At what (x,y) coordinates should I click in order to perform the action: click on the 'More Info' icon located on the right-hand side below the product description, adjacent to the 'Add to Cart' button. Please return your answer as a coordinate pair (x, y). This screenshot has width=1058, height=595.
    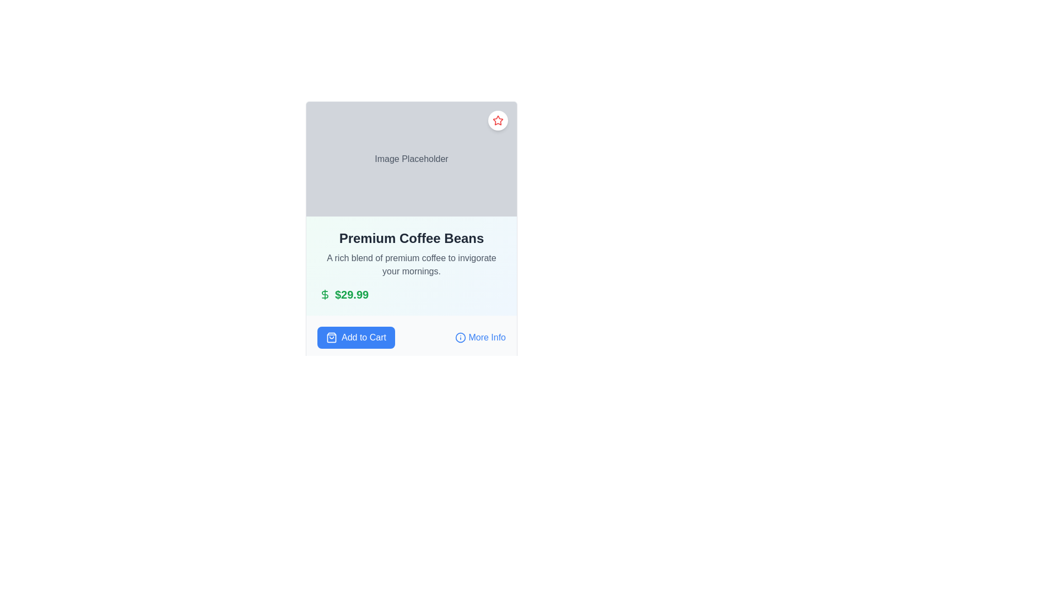
    Looking at the image, I should click on (461, 337).